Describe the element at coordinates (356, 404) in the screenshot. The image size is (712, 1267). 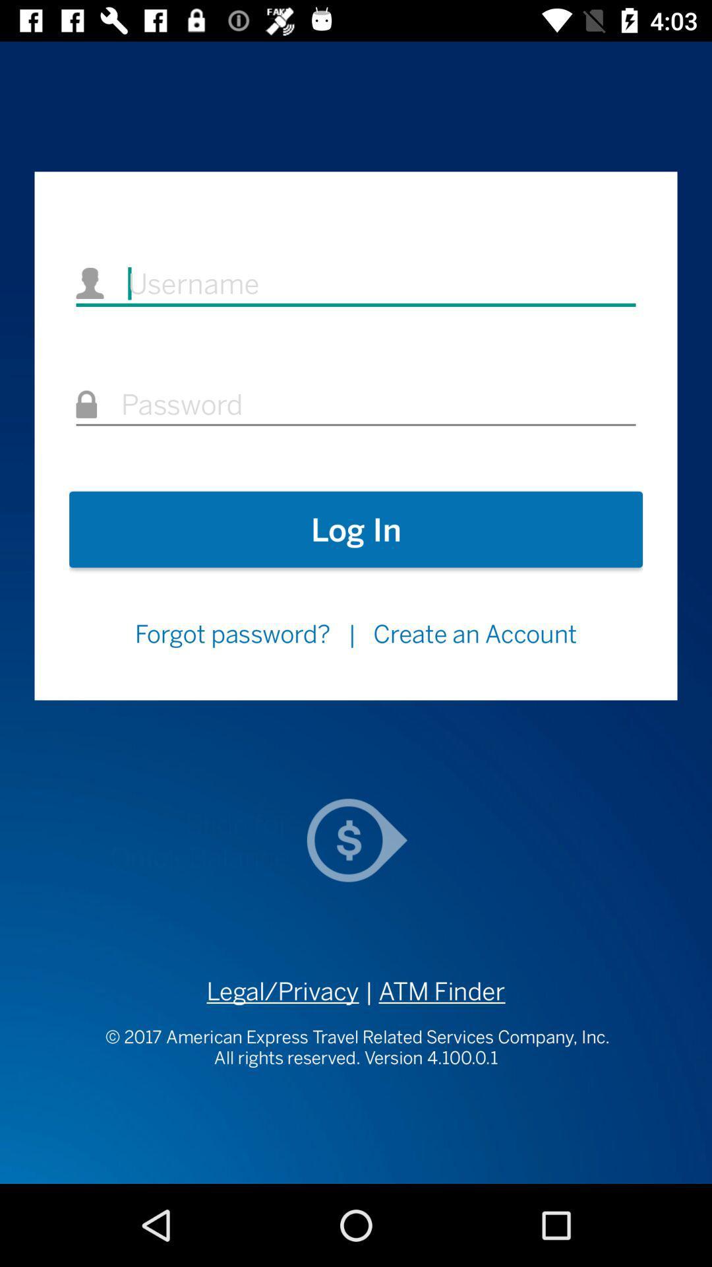
I see `open password field` at that location.